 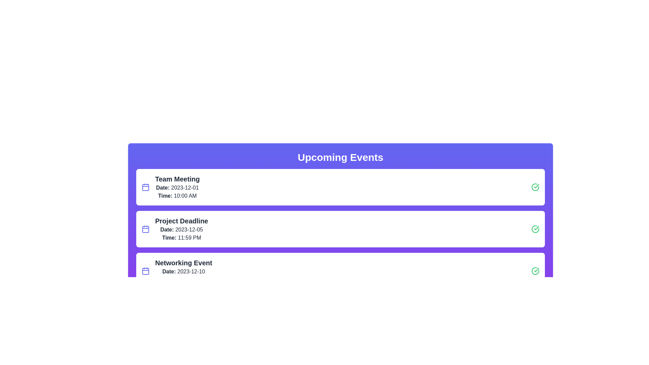 What do you see at coordinates (184, 271) in the screenshot?
I see `the static text component displaying the date information for the 'Networking Event', which is positioned below the title and above the time information` at bounding box center [184, 271].